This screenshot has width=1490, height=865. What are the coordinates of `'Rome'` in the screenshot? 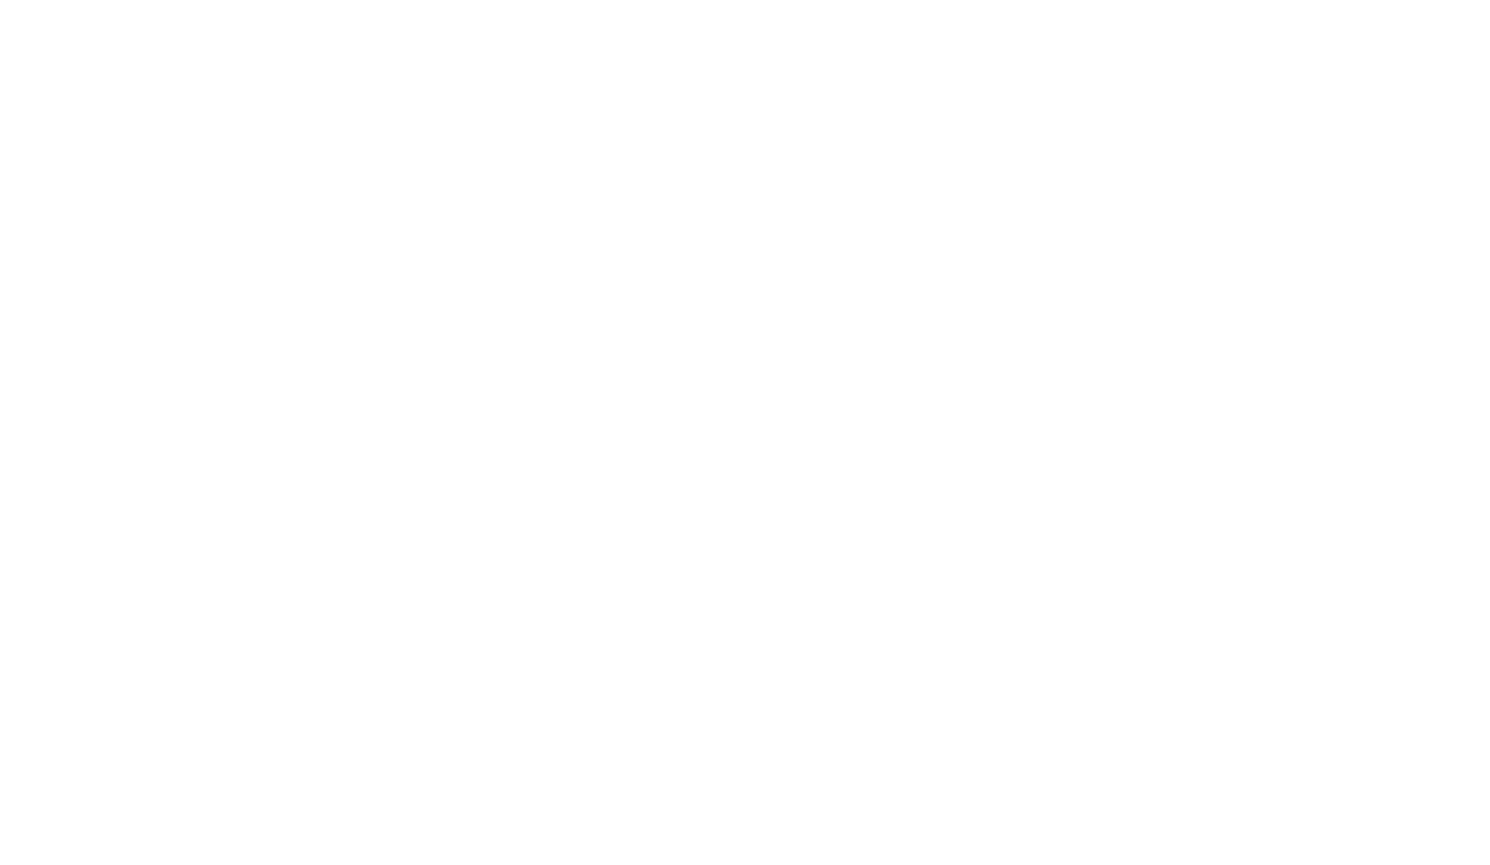 It's located at (1130, 123).